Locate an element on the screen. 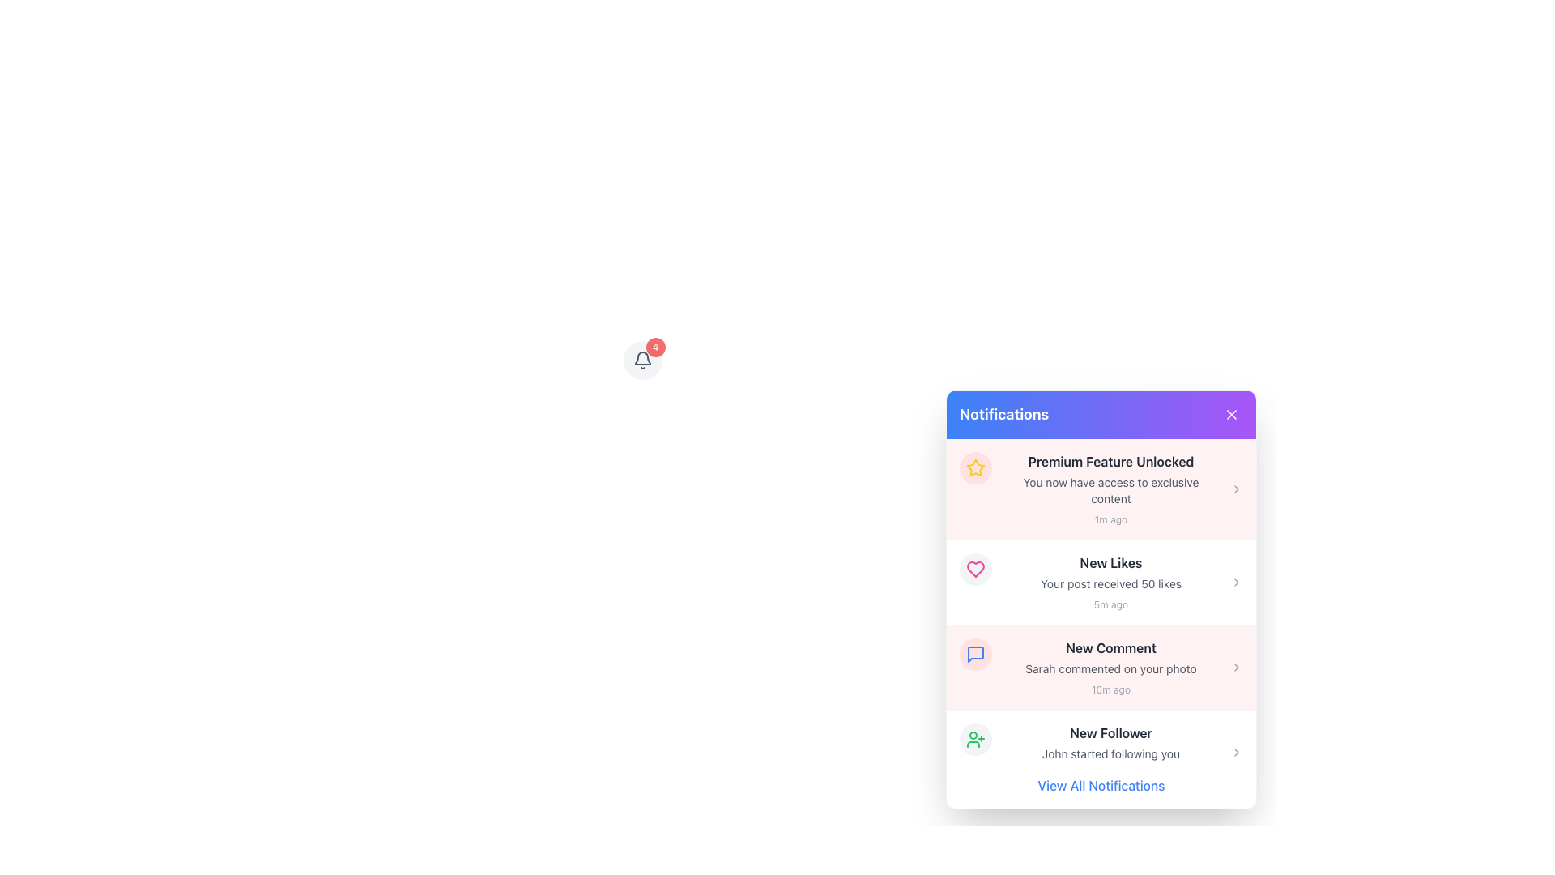 This screenshot has width=1555, height=875. the icon that represents the action to add a user, located in the notifications panel below the 'New Follower' text is located at coordinates (974, 740).